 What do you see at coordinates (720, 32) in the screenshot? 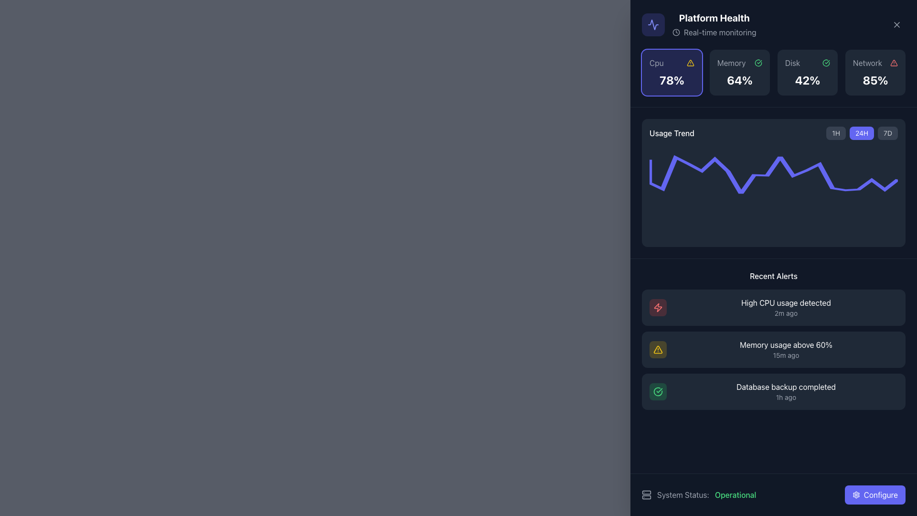
I see `the Text Label located in the upper right section below the header 'Platform Health', which provides context for real-time data monitoring` at bounding box center [720, 32].